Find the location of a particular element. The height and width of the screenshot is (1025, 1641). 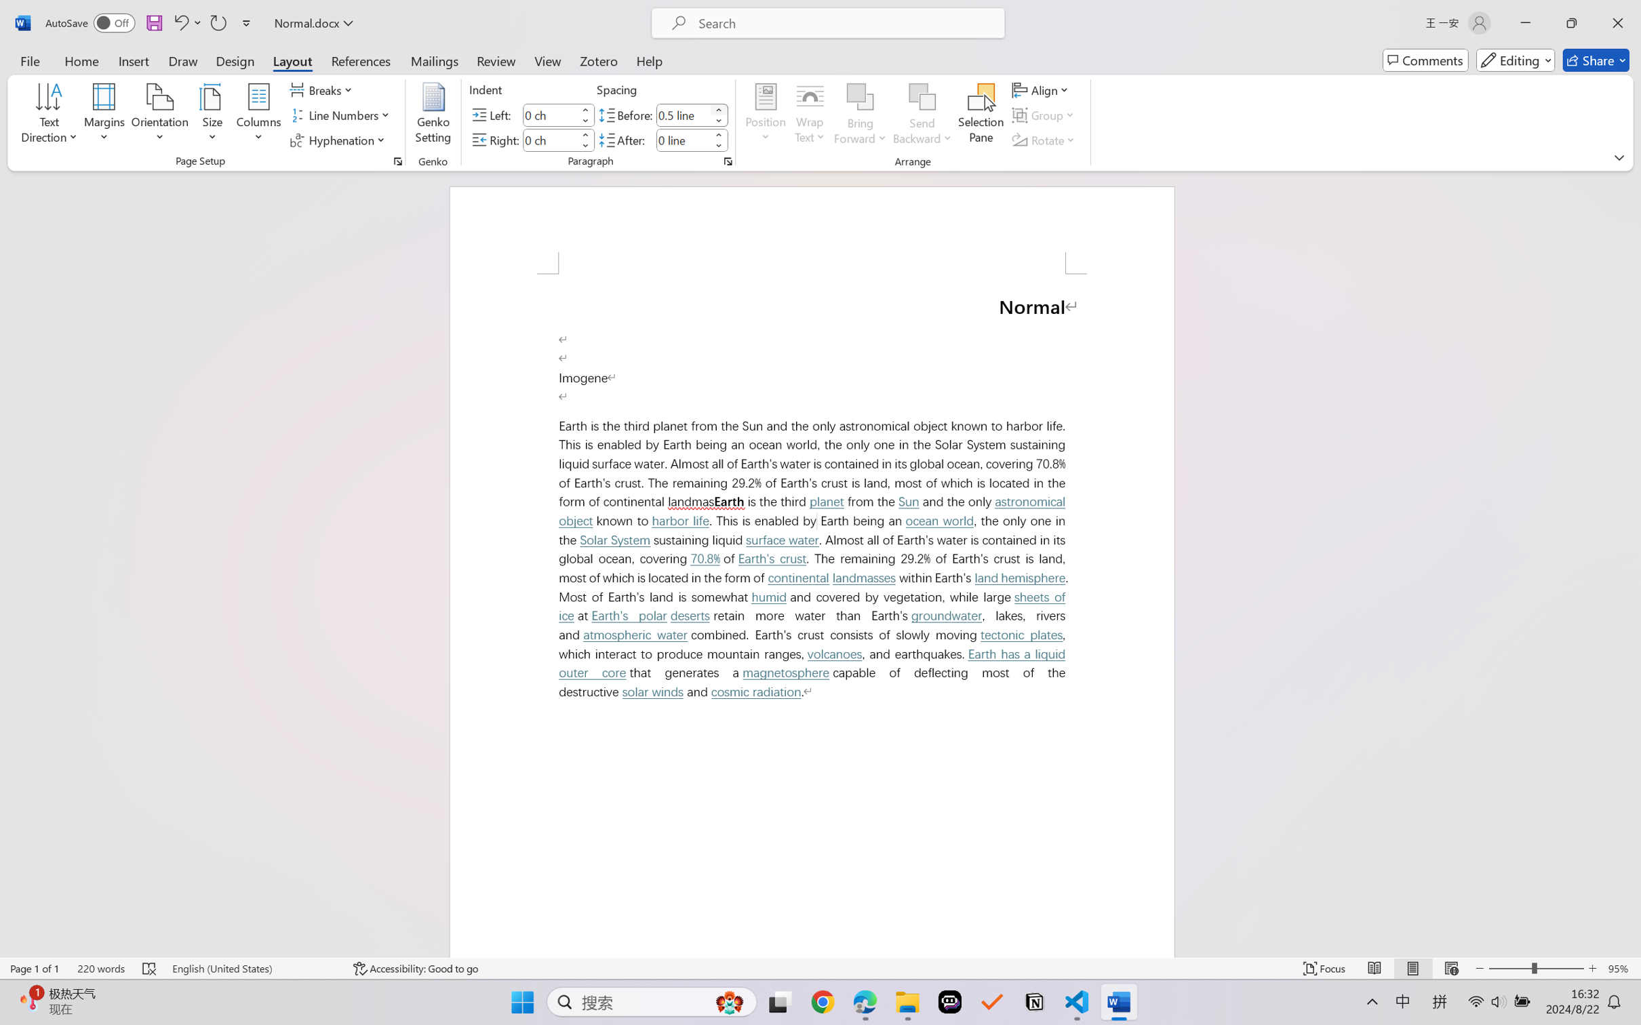

'Less' is located at coordinates (718, 145).